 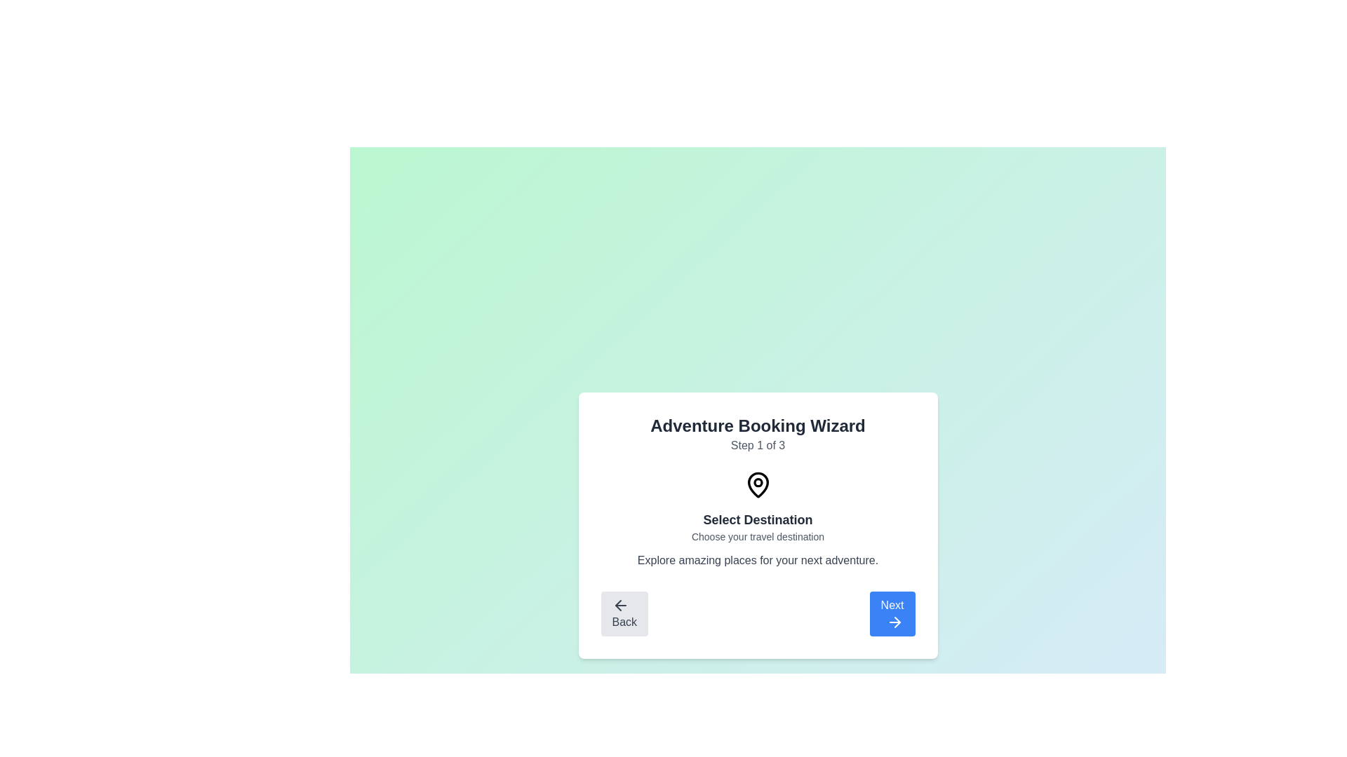 What do you see at coordinates (757, 446) in the screenshot?
I see `the Text Label that indicates the current step in the multi-step process, positioned beneath 'Adventure Booking Wizard' and above 'Select Destination'` at bounding box center [757, 446].